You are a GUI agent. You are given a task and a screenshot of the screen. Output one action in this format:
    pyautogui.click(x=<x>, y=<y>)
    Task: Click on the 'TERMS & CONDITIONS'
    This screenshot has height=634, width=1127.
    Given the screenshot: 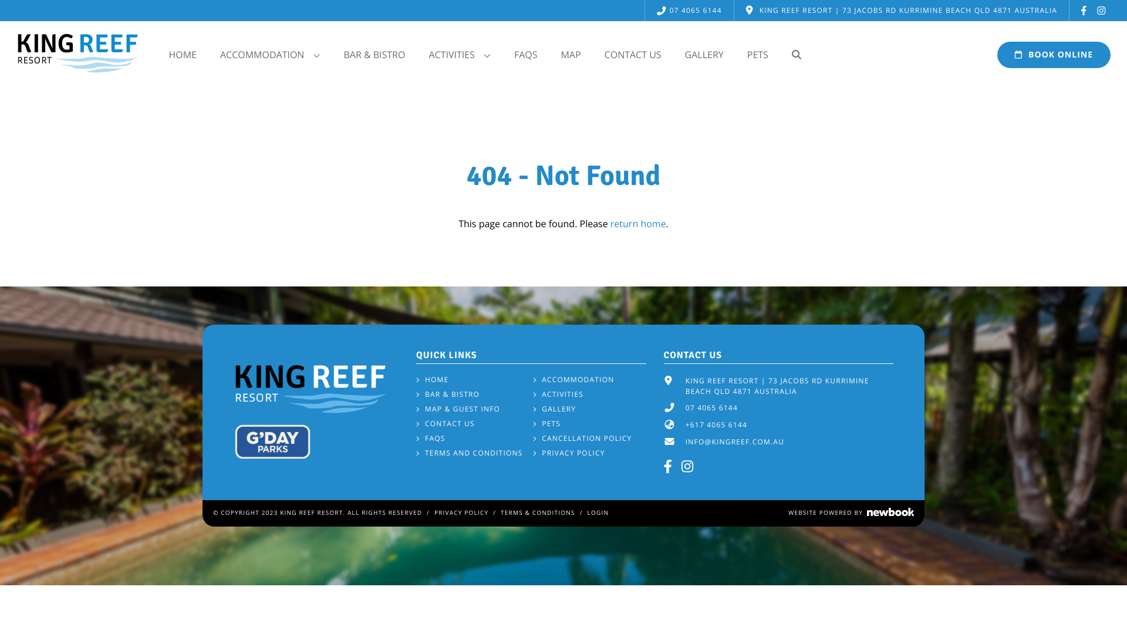 What is the action you would take?
    pyautogui.click(x=537, y=511)
    